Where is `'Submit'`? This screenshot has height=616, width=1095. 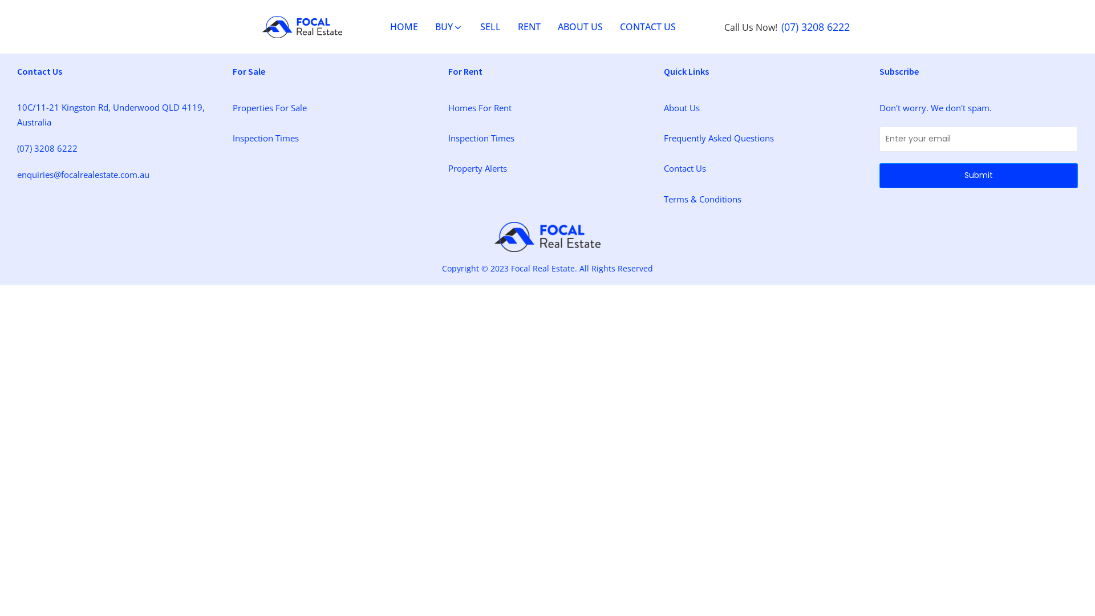
'Submit' is located at coordinates (978, 176).